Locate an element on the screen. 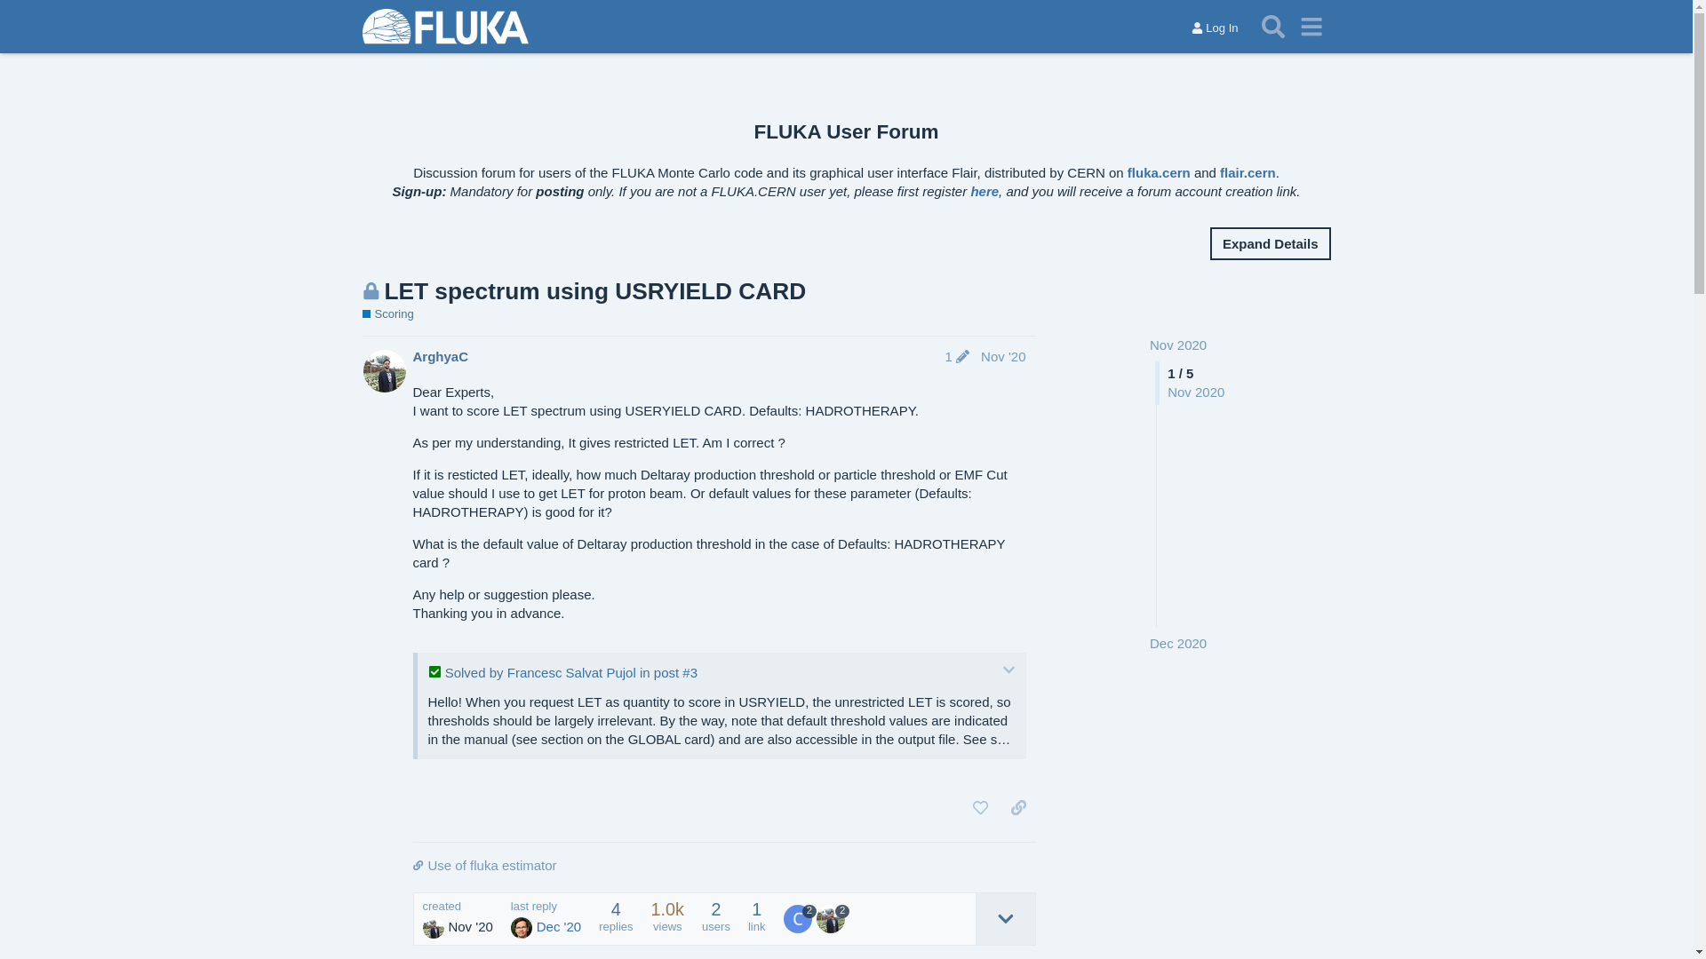 This screenshot has height=959, width=1706. 'expand topic details' is located at coordinates (1005, 918).